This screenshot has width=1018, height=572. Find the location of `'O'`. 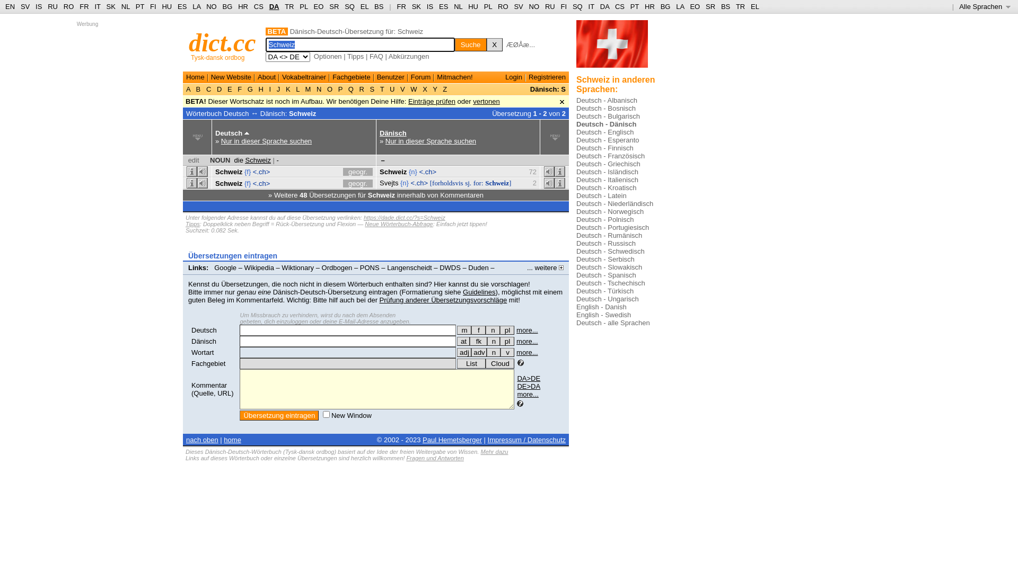

'O' is located at coordinates (329, 88).